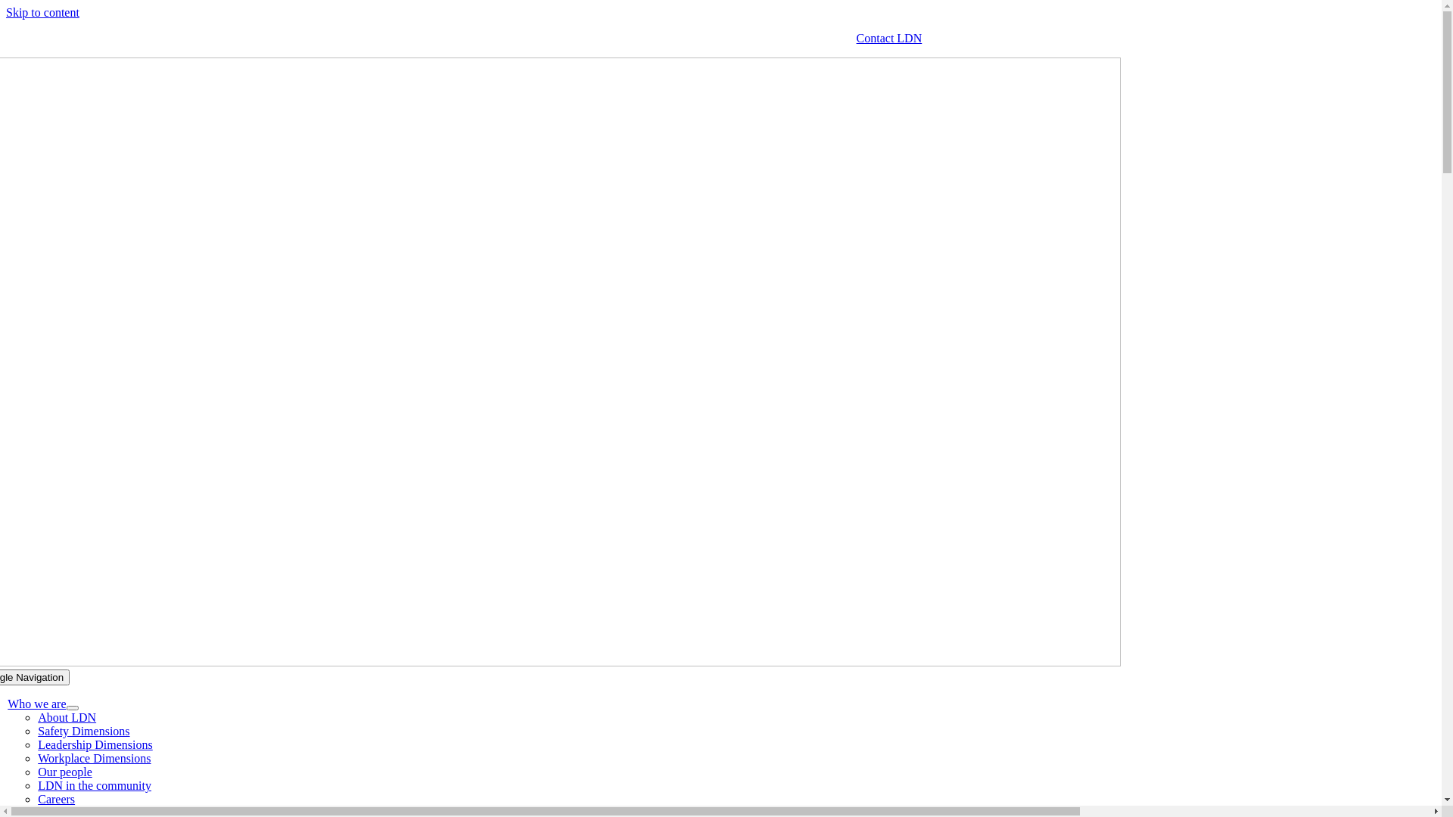 The image size is (1453, 817). Describe the element at coordinates (56, 798) in the screenshot. I see `'Careers'` at that location.